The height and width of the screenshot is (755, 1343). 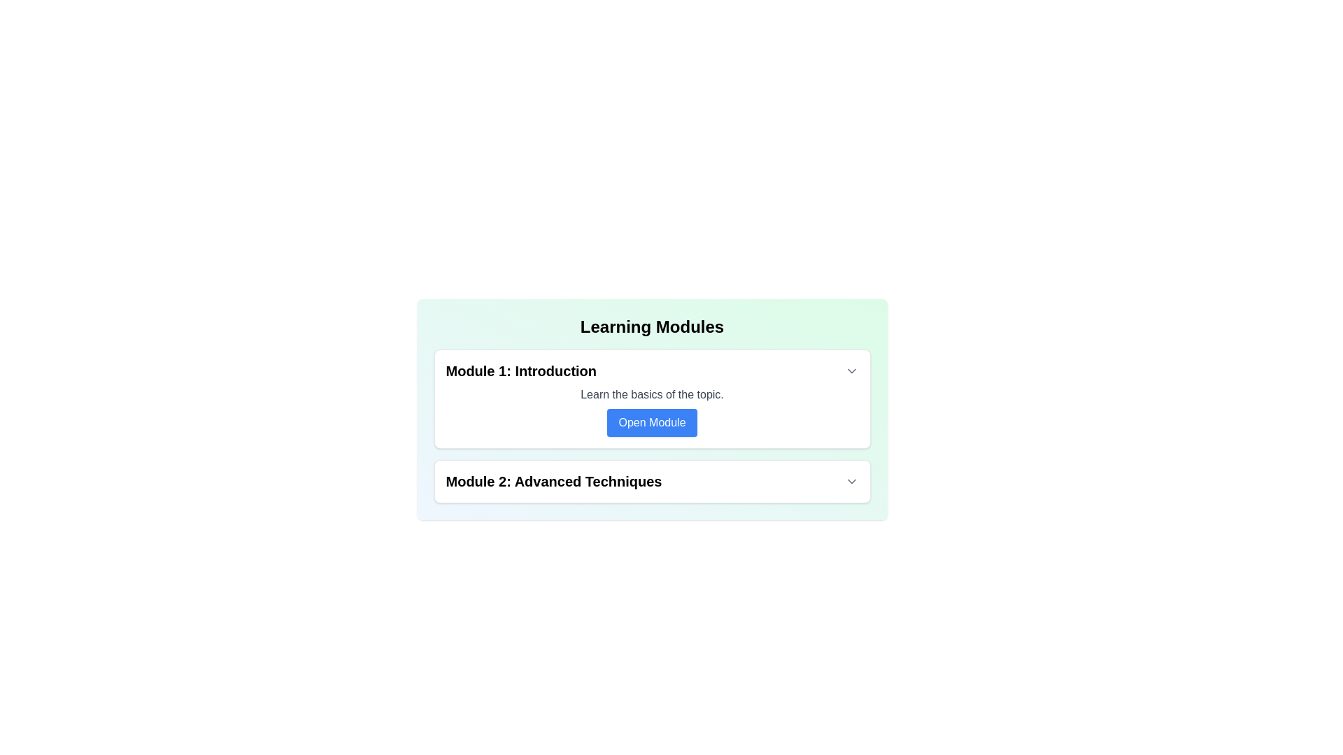 I want to click on the button labeled 'Open Module' located within the 'Learning Modules' section that features a gradient background and rounded corners, so click(x=651, y=409).